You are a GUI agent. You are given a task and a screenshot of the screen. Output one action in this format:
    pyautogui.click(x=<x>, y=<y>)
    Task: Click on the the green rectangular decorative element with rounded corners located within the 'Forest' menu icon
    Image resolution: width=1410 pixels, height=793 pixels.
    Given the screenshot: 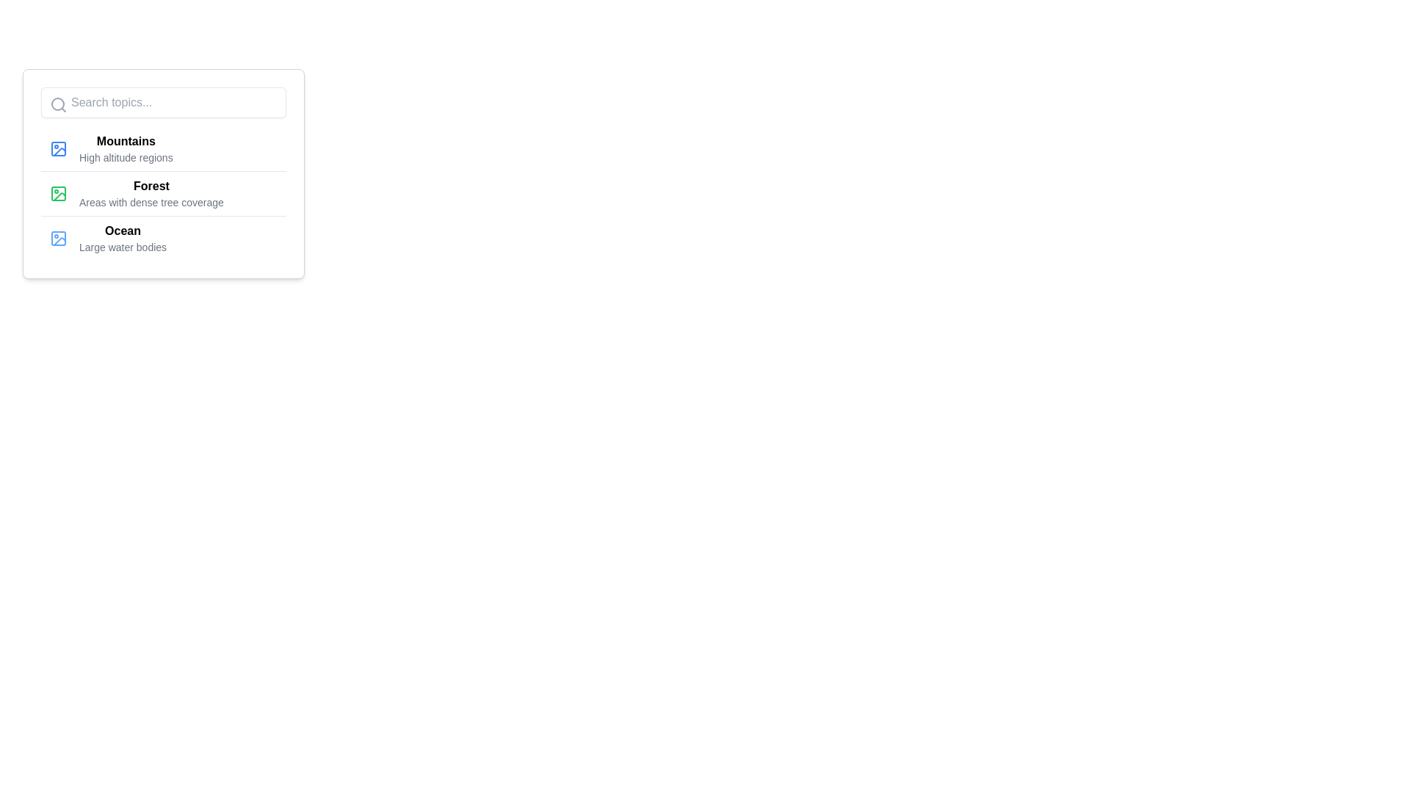 What is the action you would take?
    pyautogui.click(x=59, y=192)
    